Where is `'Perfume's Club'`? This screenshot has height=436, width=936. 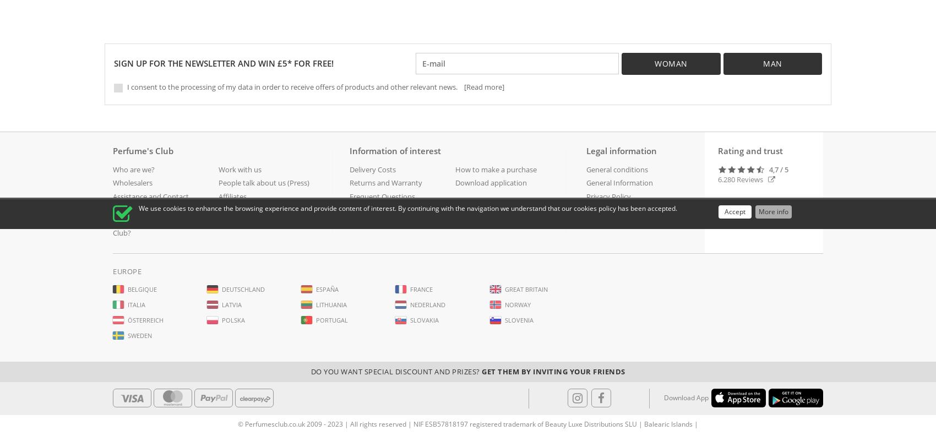
'Perfume's Club' is located at coordinates (143, 150).